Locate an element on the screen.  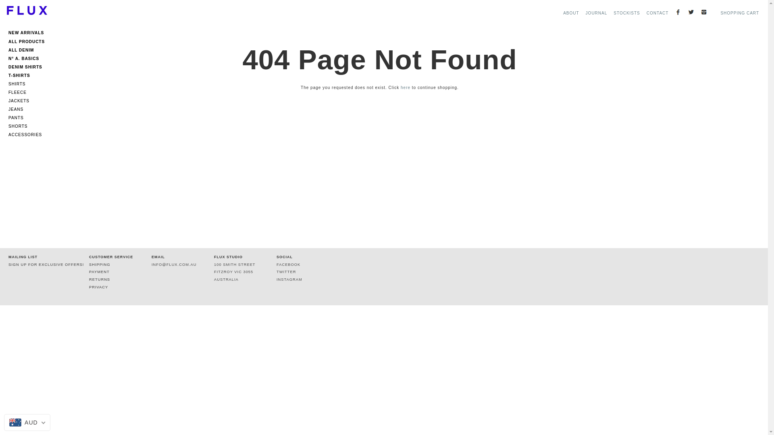
'SHIRTS' is located at coordinates (29, 84).